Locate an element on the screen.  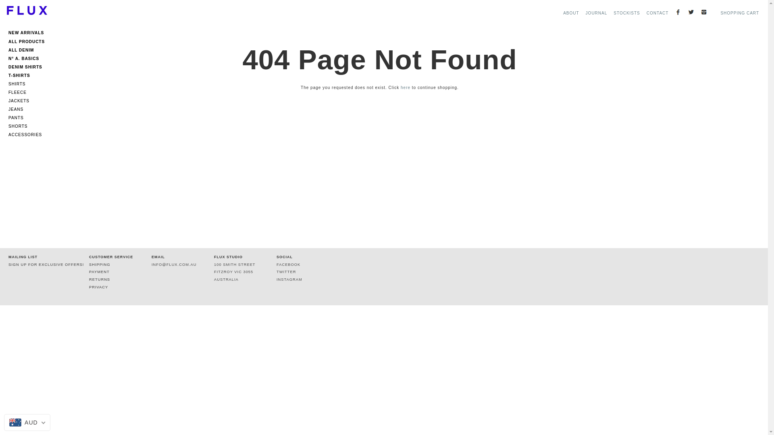
'SHIRTS' is located at coordinates (29, 84).